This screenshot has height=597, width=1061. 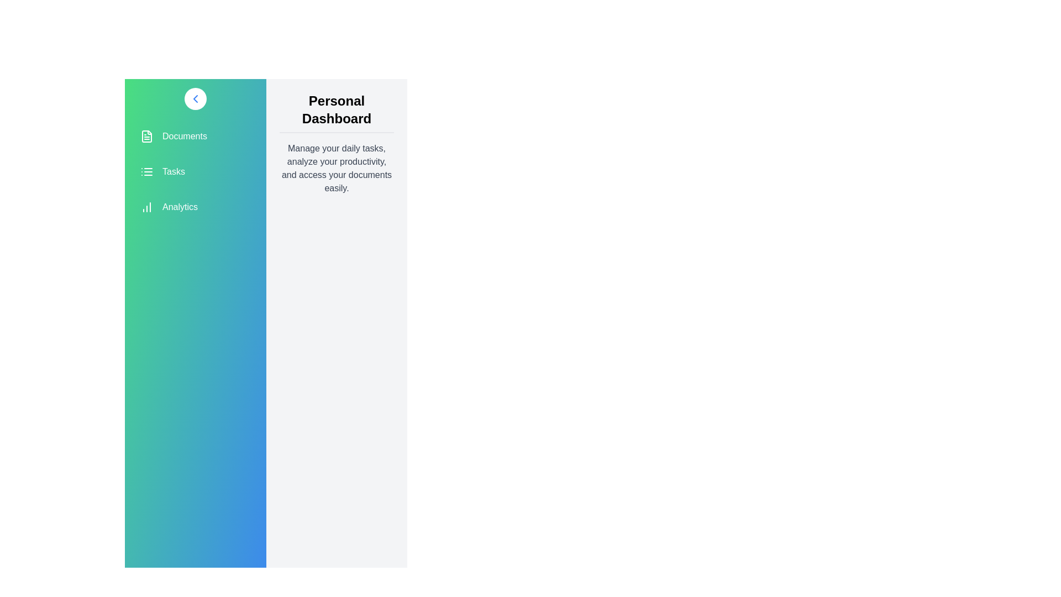 What do you see at coordinates (196, 98) in the screenshot?
I see `the menu toggle button to toggle the menu's open/close state` at bounding box center [196, 98].